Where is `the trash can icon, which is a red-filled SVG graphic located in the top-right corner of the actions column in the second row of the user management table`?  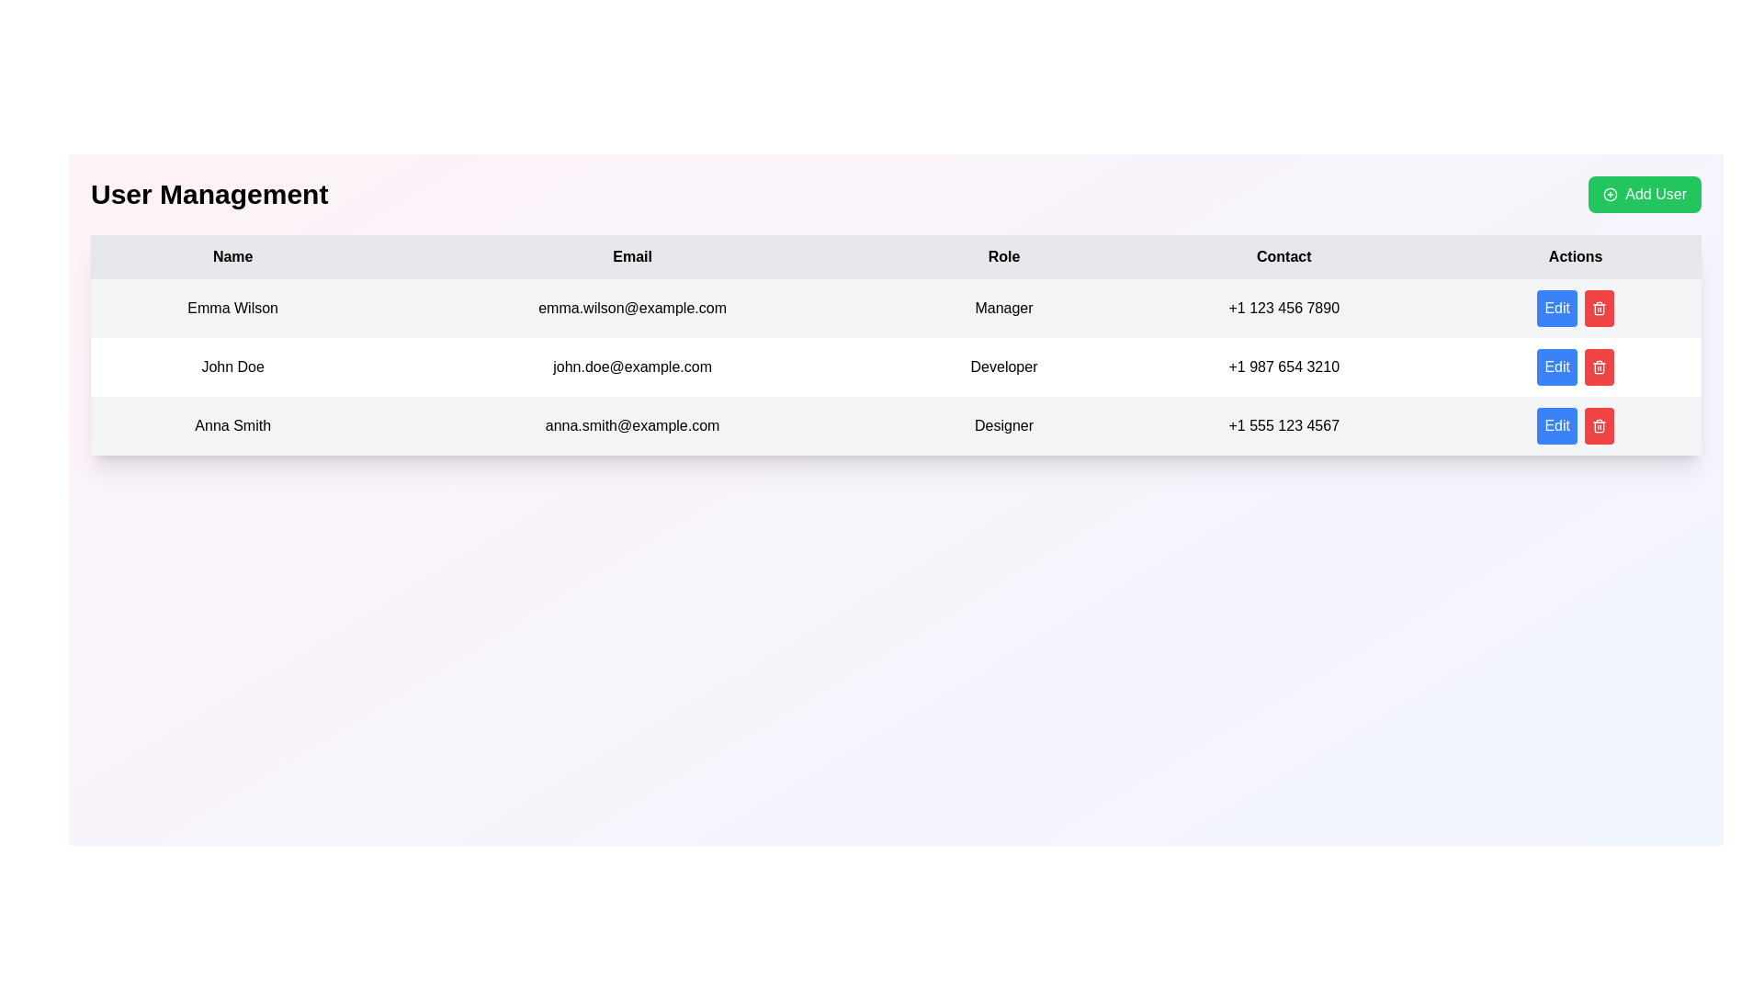
the trash can icon, which is a red-filled SVG graphic located in the top-right corner of the actions column in the second row of the user management table is located at coordinates (1599, 307).